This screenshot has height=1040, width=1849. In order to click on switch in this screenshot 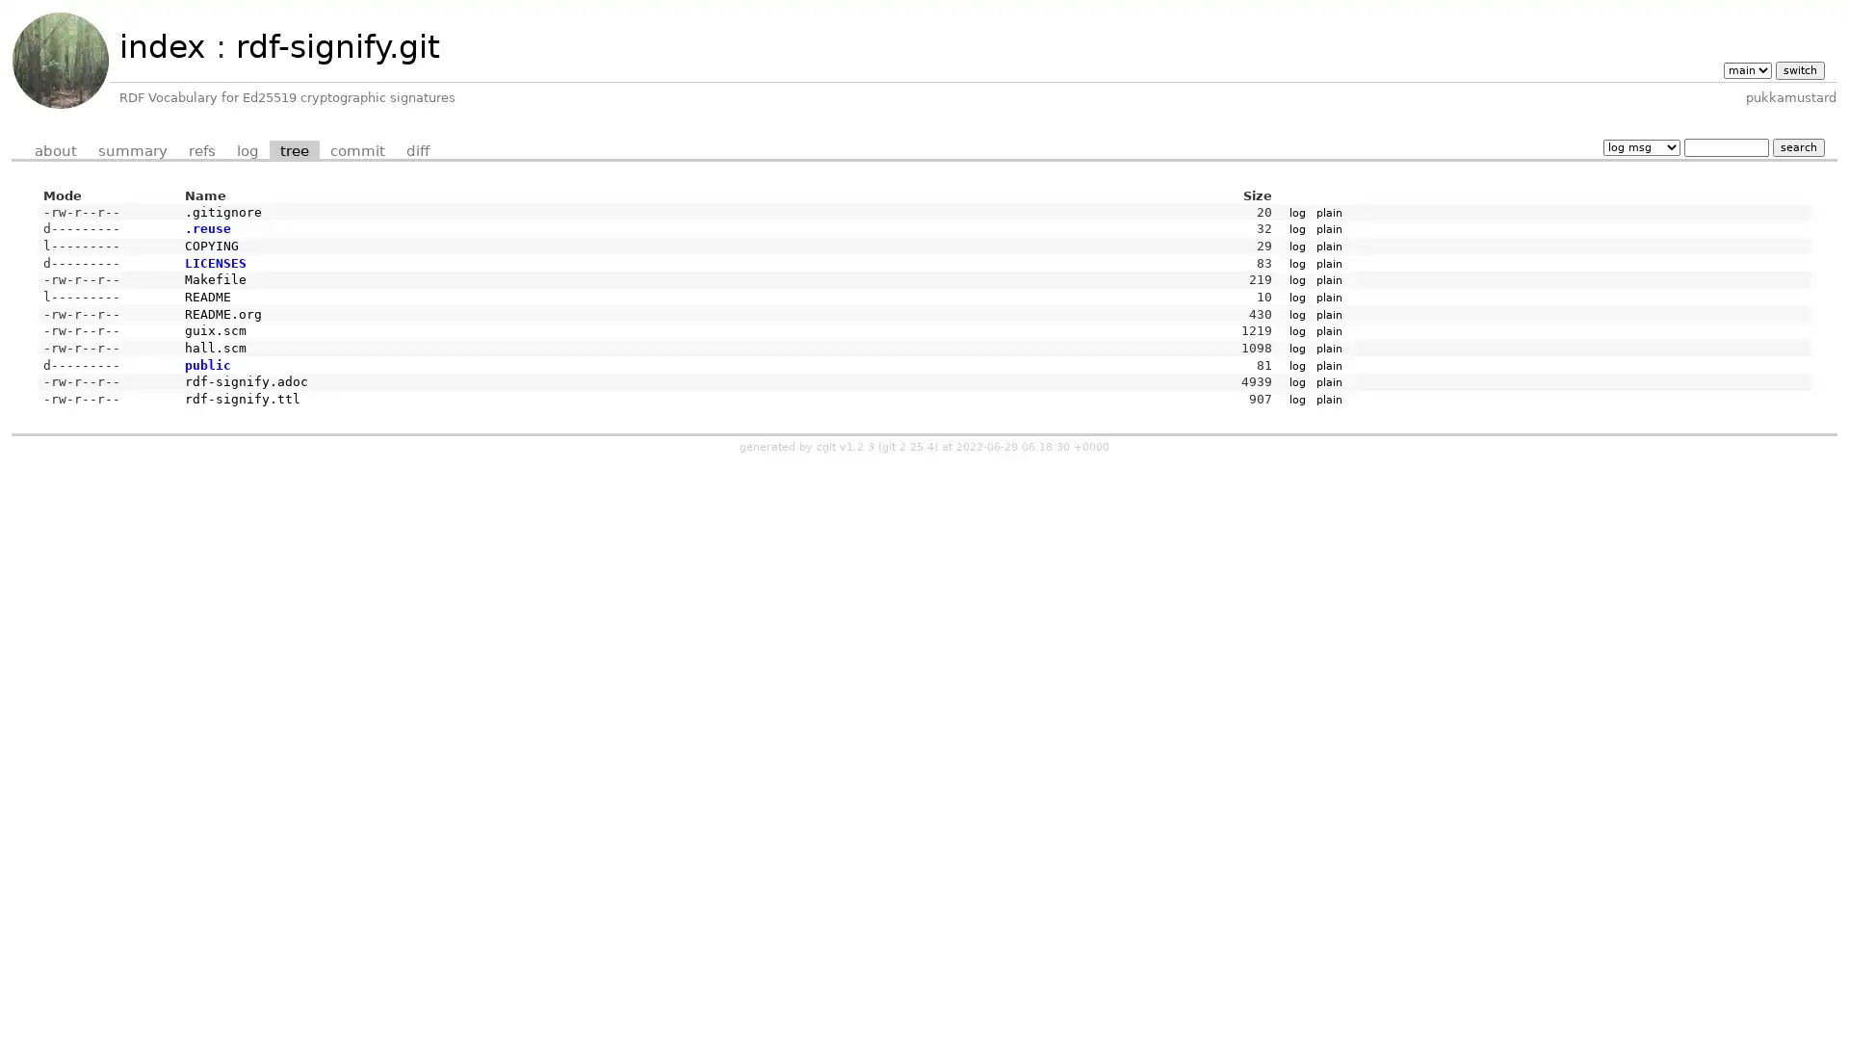, I will do `click(1798, 69)`.